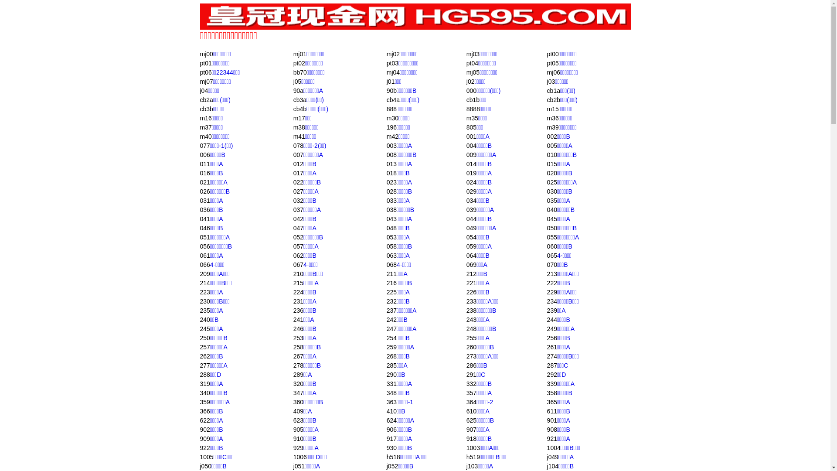 This screenshot has height=471, width=837. Describe the element at coordinates (206, 81) in the screenshot. I see `'mj07'` at that location.